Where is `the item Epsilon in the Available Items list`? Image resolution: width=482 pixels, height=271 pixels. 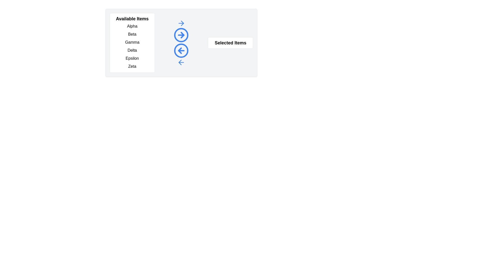
the item Epsilon in the Available Items list is located at coordinates (132, 58).